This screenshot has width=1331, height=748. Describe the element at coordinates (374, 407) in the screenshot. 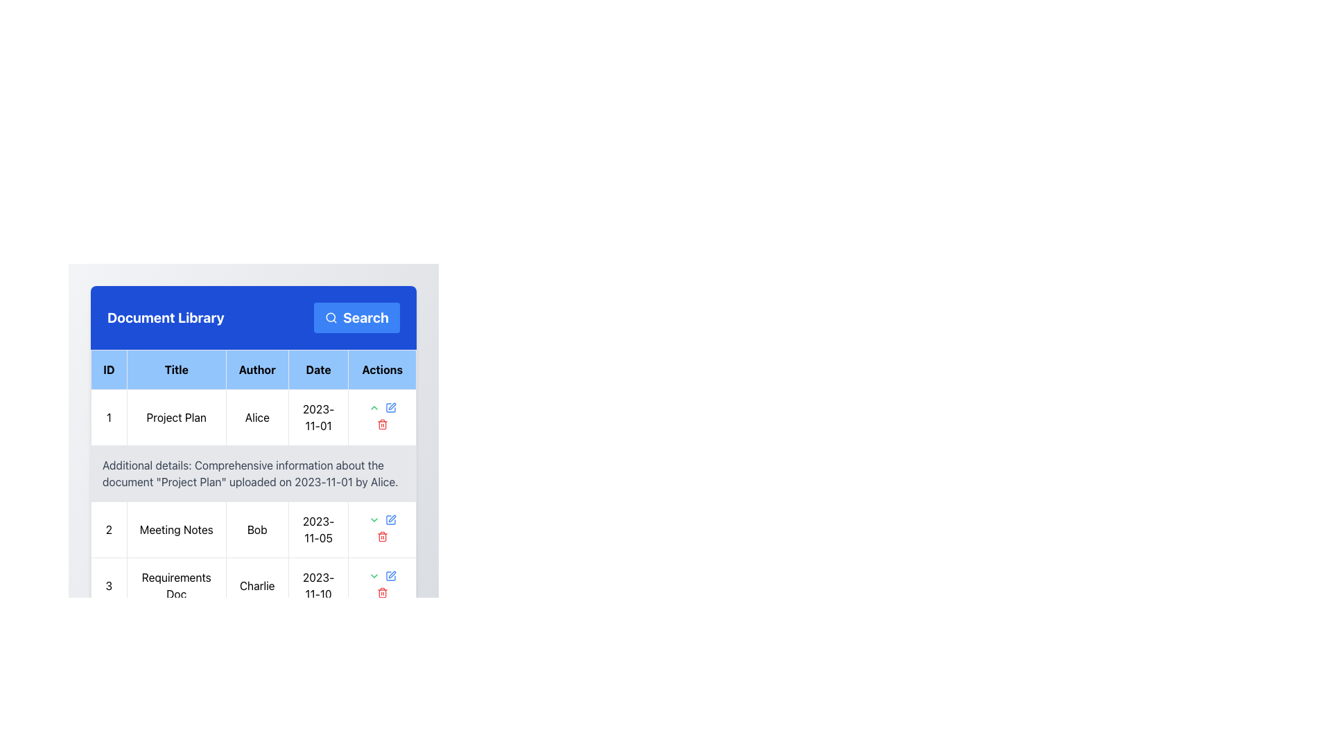

I see `the green chevron-up icon button located in the 'Actions' column of the second row in the data table` at that location.